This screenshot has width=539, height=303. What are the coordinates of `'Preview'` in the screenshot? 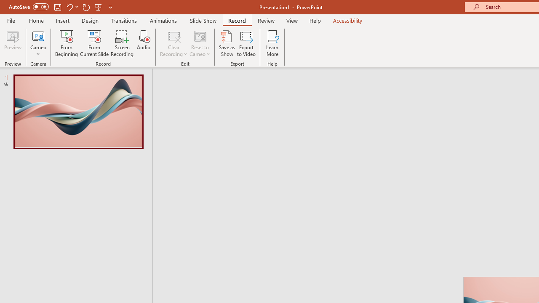 It's located at (13, 43).